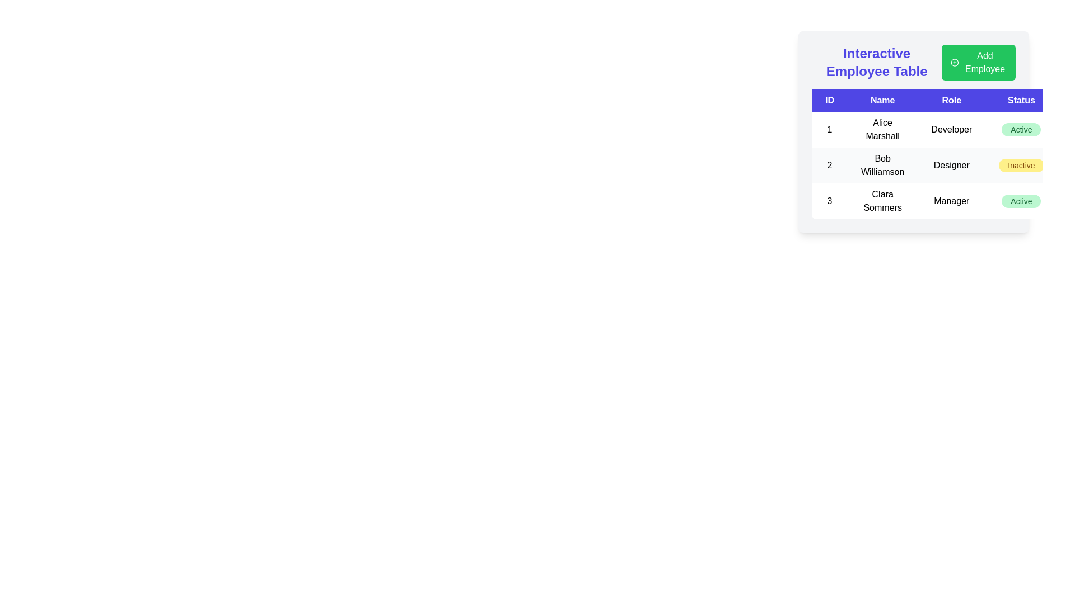  I want to click on the 'Status' text label, which is a horizontal label with white text on a bold blue background located at the top-right section of the table, serving as the heading of the last column, so click(1021, 101).